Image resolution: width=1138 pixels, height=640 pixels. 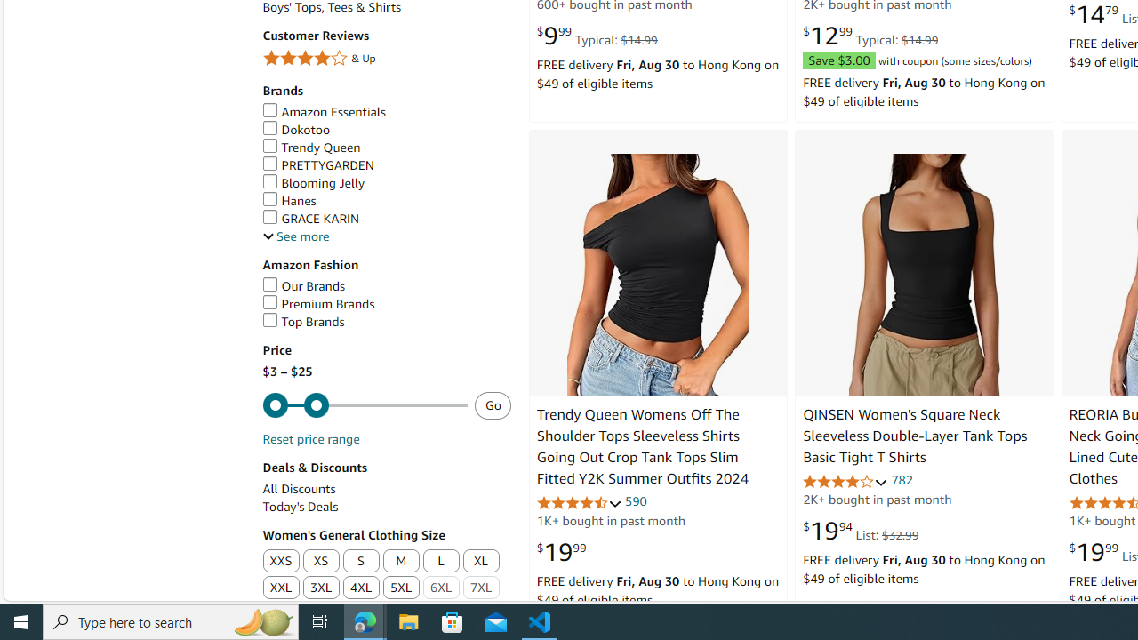 What do you see at coordinates (361, 588) in the screenshot?
I see `'4XL'` at bounding box center [361, 588].